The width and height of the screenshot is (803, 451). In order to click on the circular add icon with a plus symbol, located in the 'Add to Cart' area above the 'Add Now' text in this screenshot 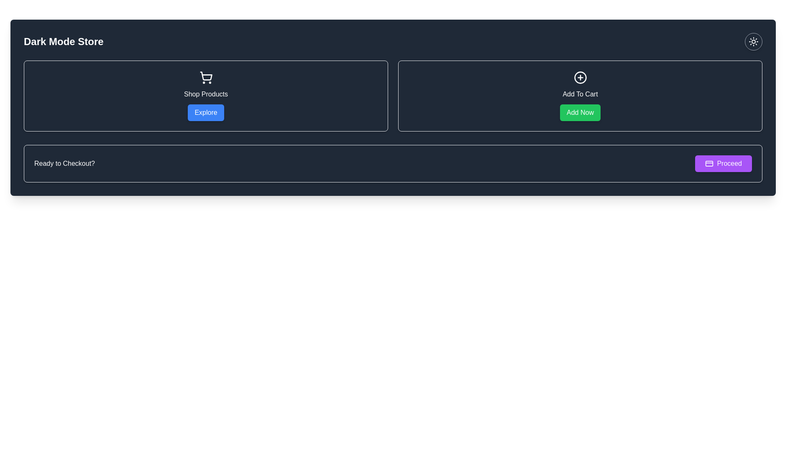, I will do `click(580, 77)`.